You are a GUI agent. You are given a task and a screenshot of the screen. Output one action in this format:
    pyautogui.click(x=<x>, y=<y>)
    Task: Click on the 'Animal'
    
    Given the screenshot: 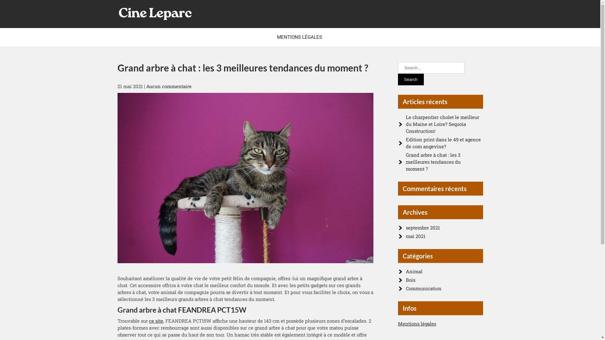 What is the action you would take?
    pyautogui.click(x=414, y=271)
    